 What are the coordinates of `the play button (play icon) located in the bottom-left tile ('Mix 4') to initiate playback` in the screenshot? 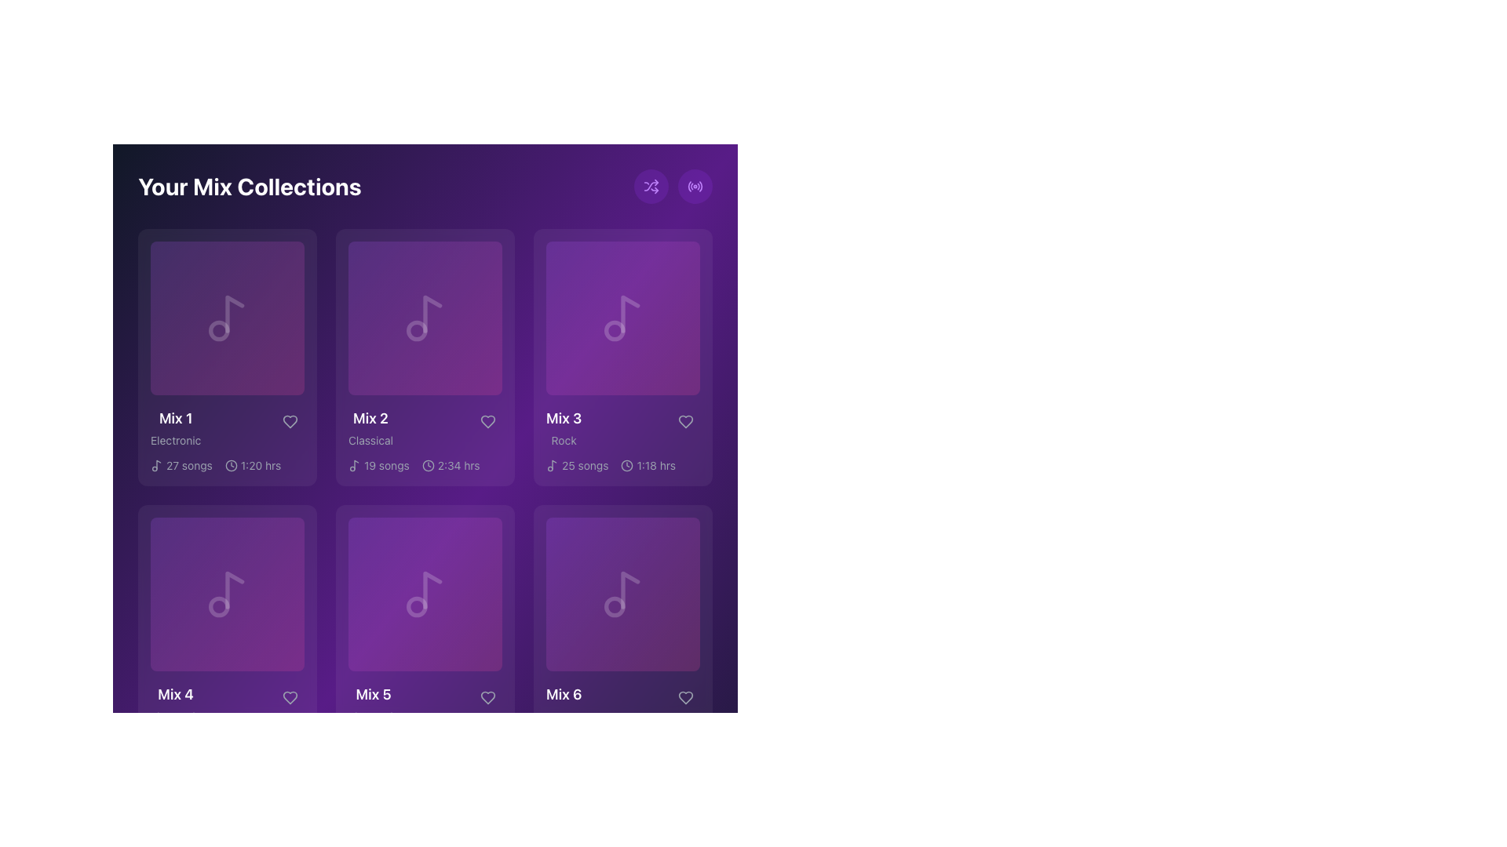 It's located at (226, 594).